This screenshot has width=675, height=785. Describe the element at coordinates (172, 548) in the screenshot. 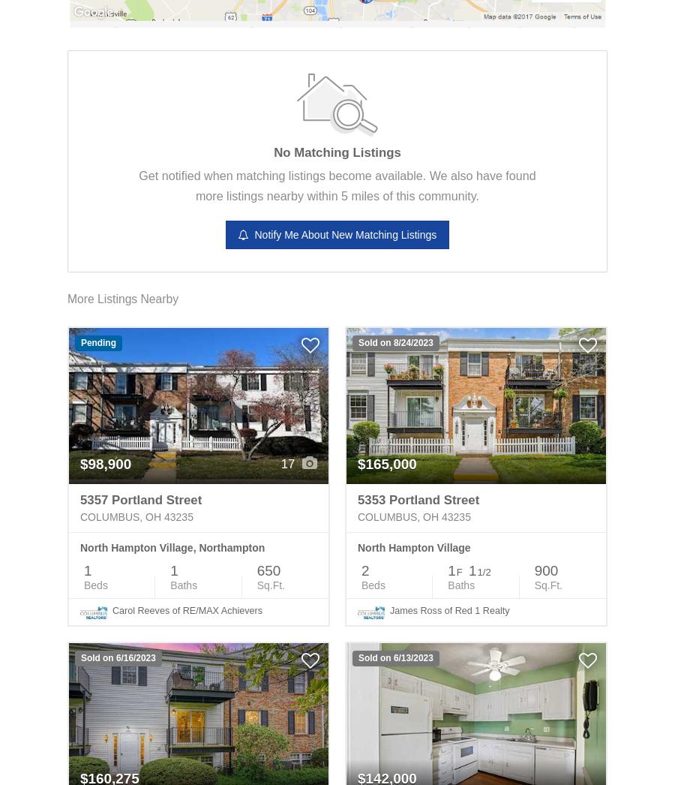

I see `'North Hampton Village, Northampton'` at that location.